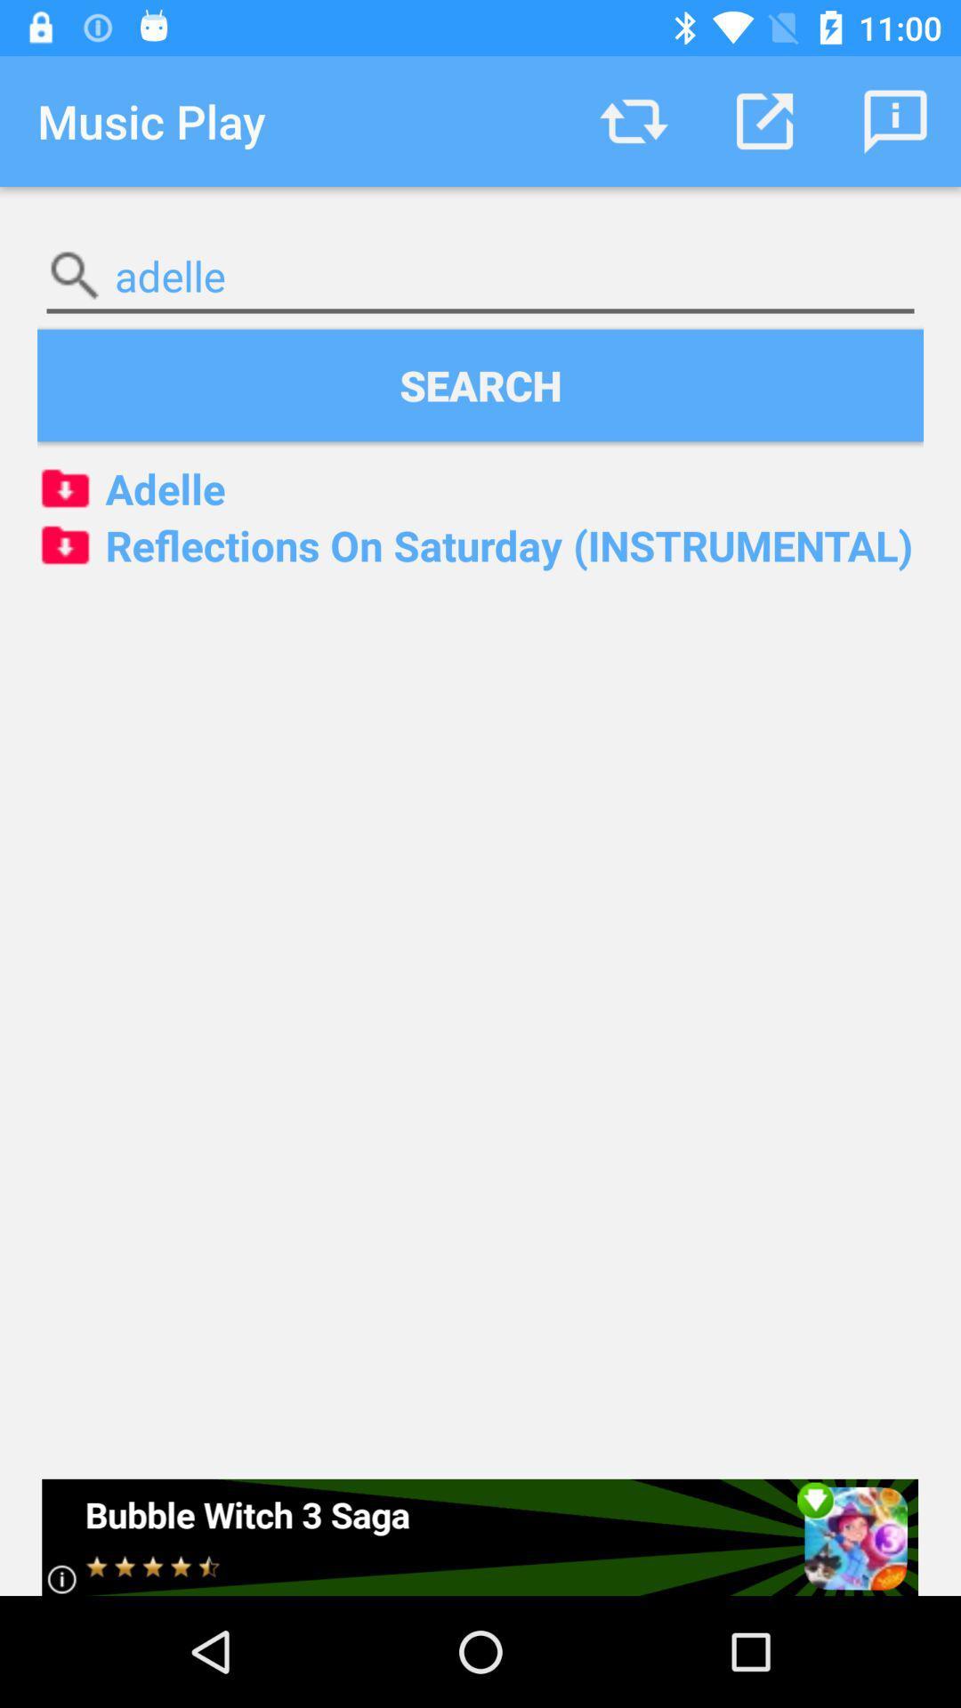  I want to click on reflections on saturday icon, so click(480, 544).